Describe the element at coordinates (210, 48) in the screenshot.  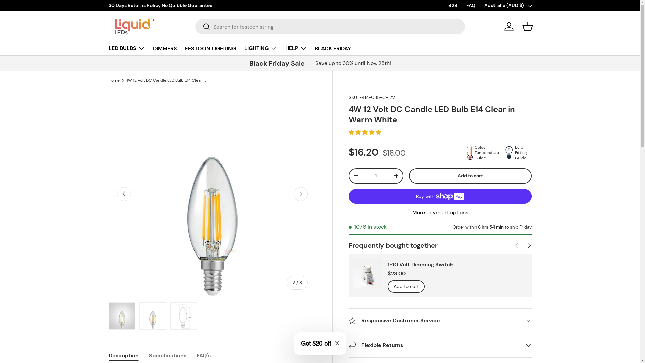
I see `'FESTOON LIGHTING'` at that location.